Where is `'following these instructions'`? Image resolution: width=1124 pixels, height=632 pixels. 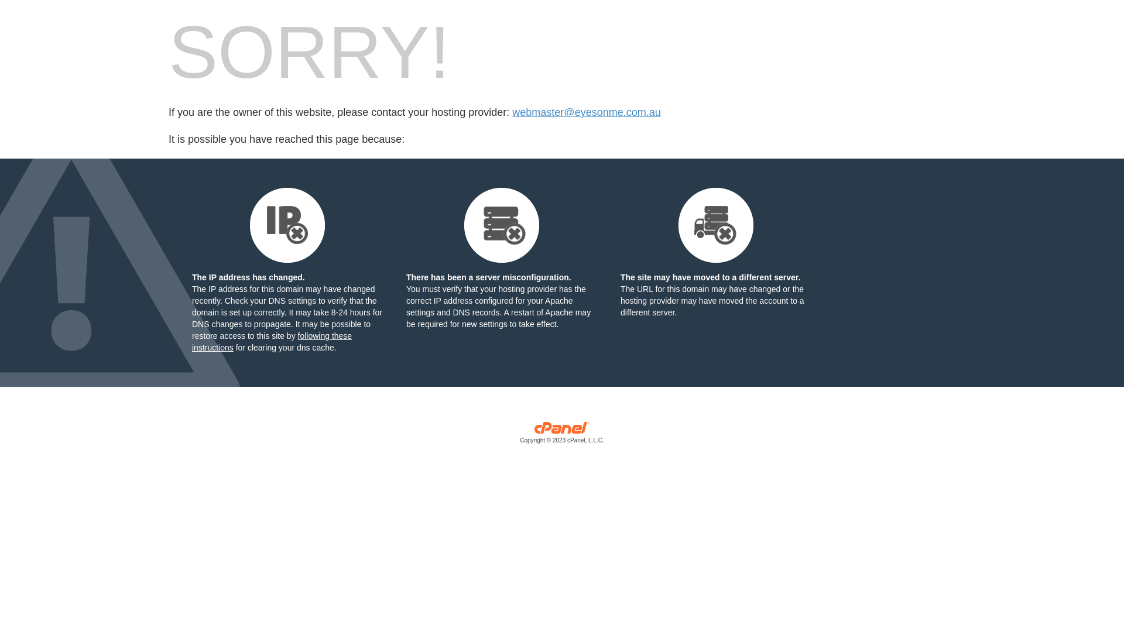 'following these instructions' is located at coordinates (271, 341).